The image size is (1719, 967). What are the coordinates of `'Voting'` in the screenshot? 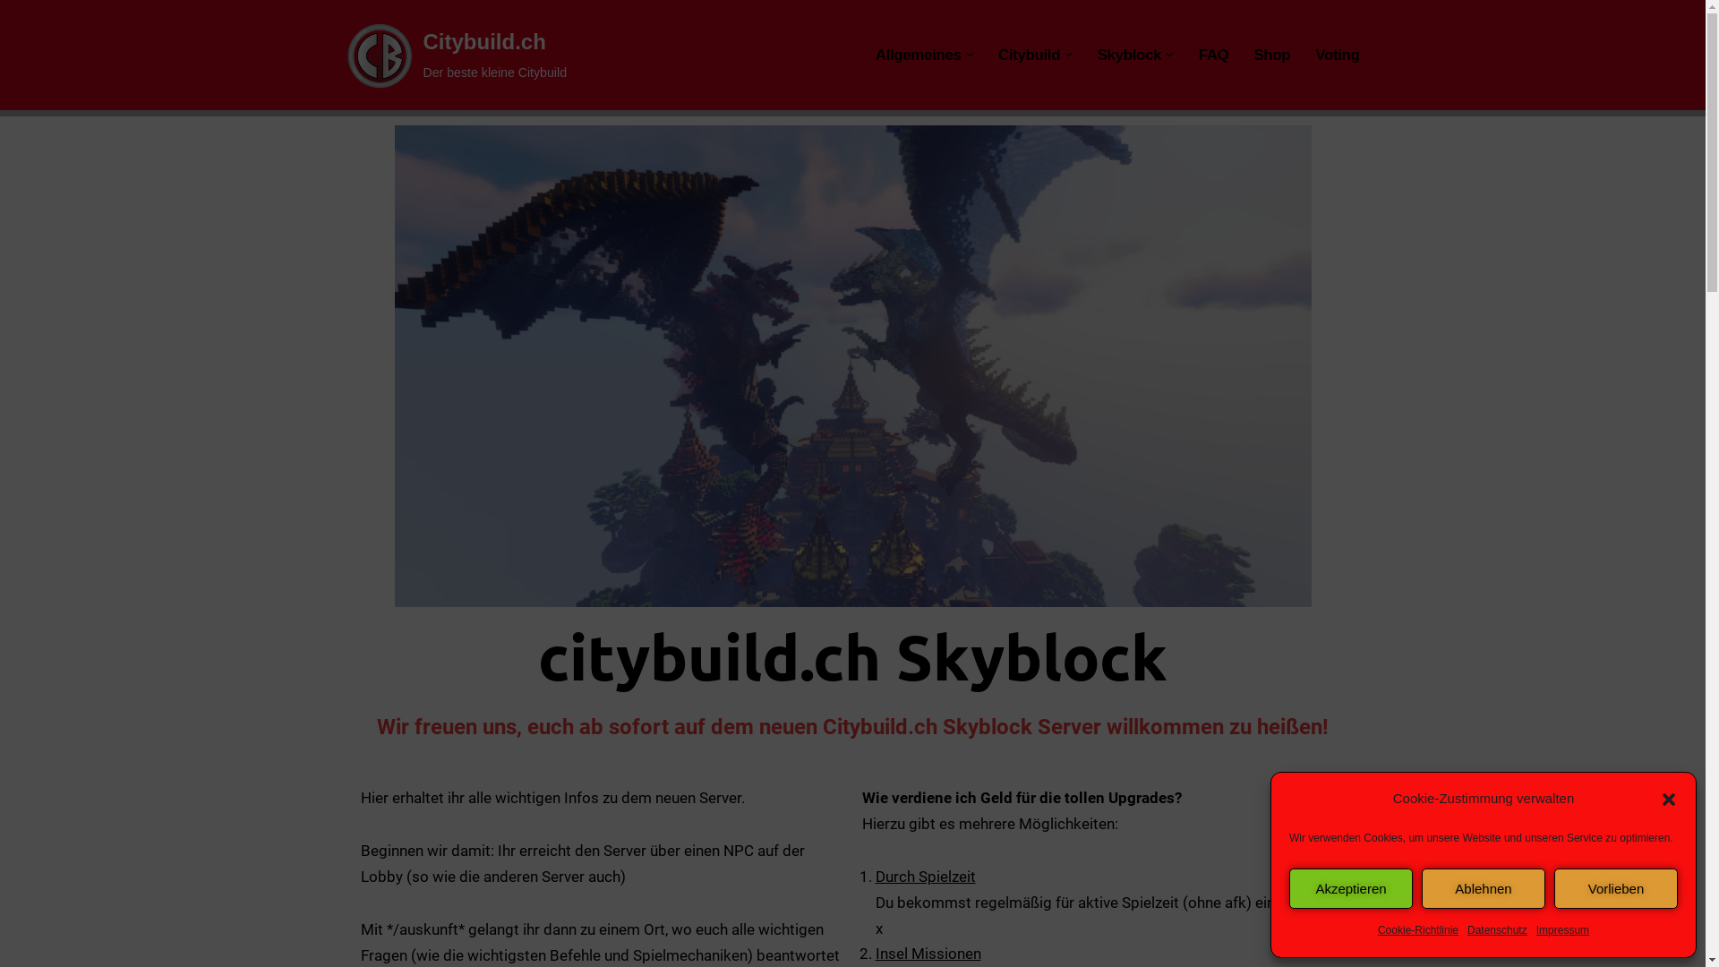 It's located at (1337, 54).